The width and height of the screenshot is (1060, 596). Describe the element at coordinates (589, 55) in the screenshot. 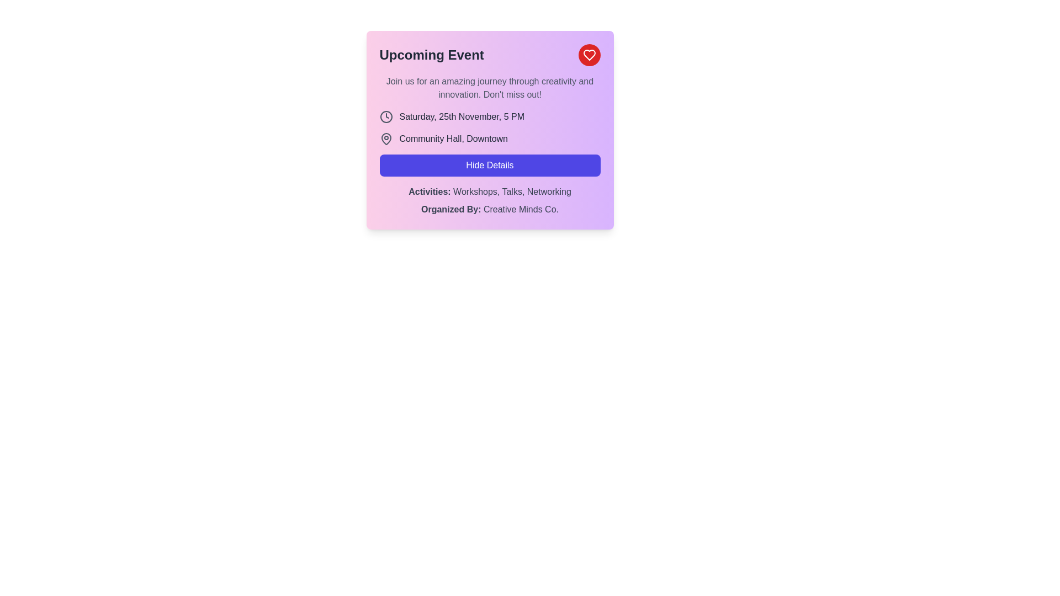

I see `the circular red button with a white heart icon in the top-right corner of the 'Upcoming Event' card to interact` at that location.